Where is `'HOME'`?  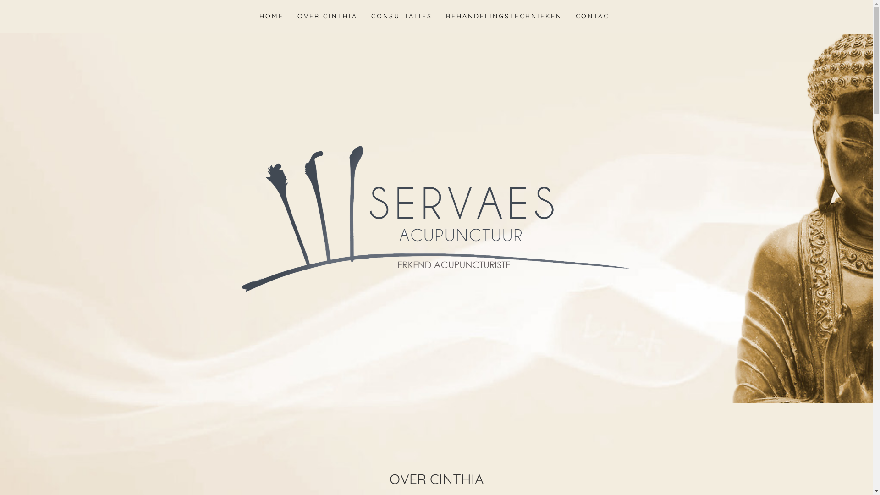 'HOME' is located at coordinates (270, 16).